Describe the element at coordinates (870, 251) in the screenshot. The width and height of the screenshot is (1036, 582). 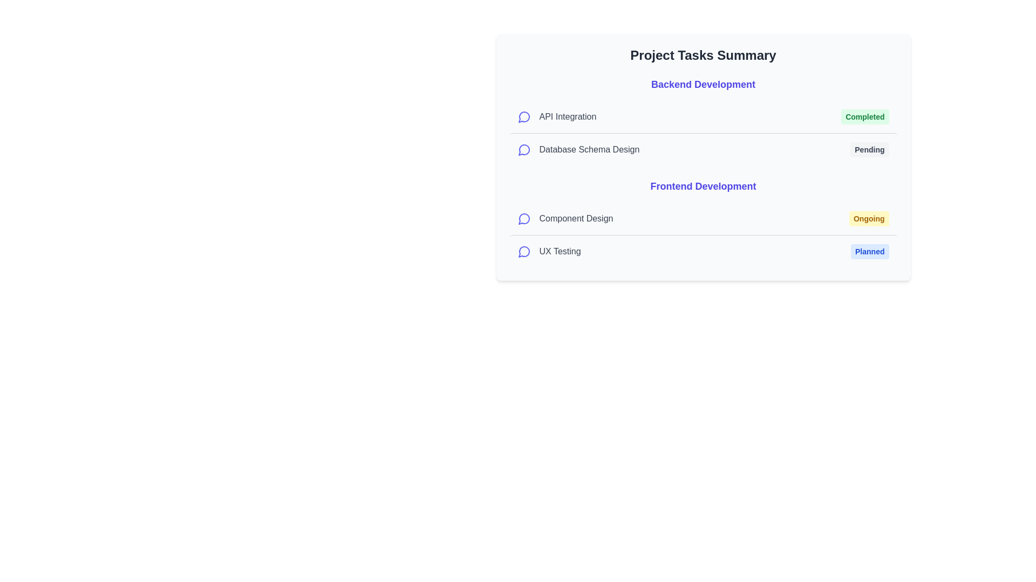
I see `the rectangular badge with rounded corners that has a light blue background and the text 'Planned' in bold blue font, located in the 'UX Testing' section of the 'Project Tasks Summary'` at that location.